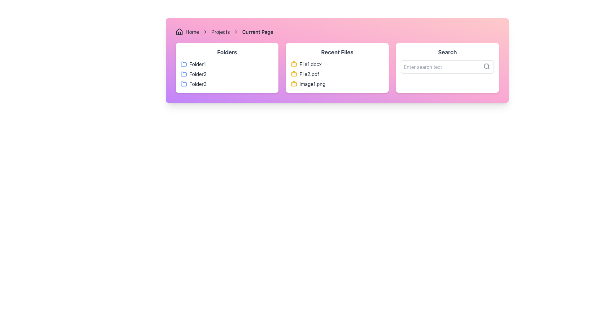  Describe the element at coordinates (227, 74) in the screenshot. I see `to select or open the folder labeled 'Folder2' in the list of folders` at that location.